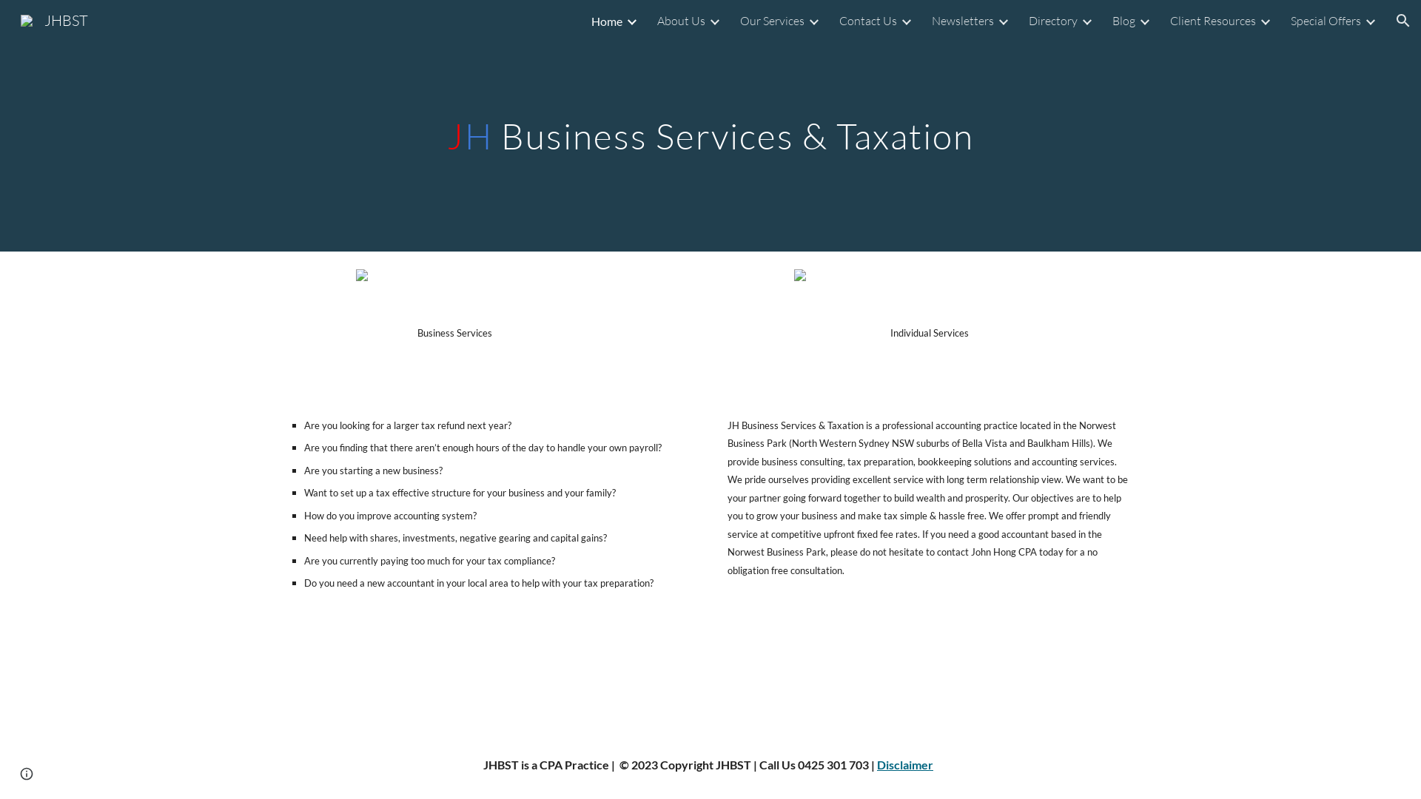 The height and width of the screenshot is (799, 1421). What do you see at coordinates (739, 20) in the screenshot?
I see `'Our Services'` at bounding box center [739, 20].